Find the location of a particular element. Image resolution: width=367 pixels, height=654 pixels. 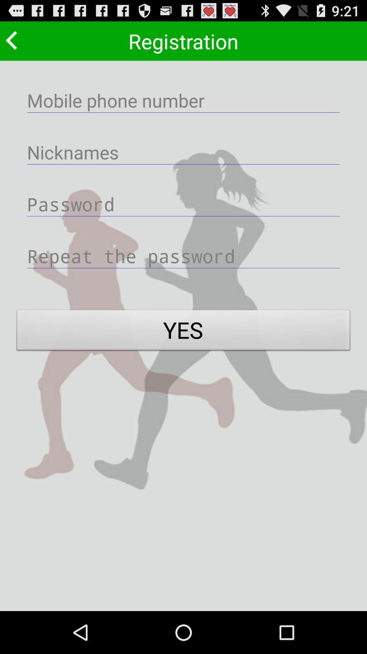

go back is located at coordinates (13, 40).